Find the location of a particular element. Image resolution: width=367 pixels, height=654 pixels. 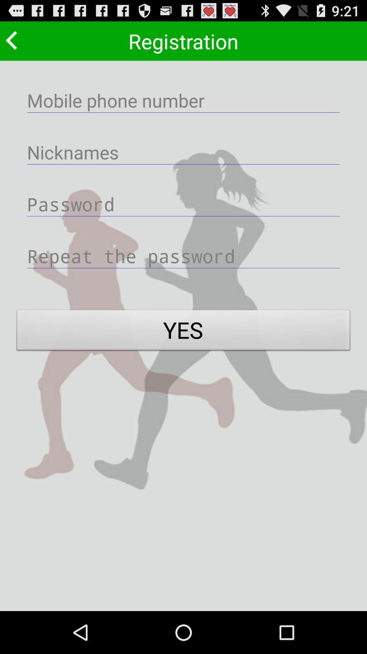

go back is located at coordinates (13, 40).